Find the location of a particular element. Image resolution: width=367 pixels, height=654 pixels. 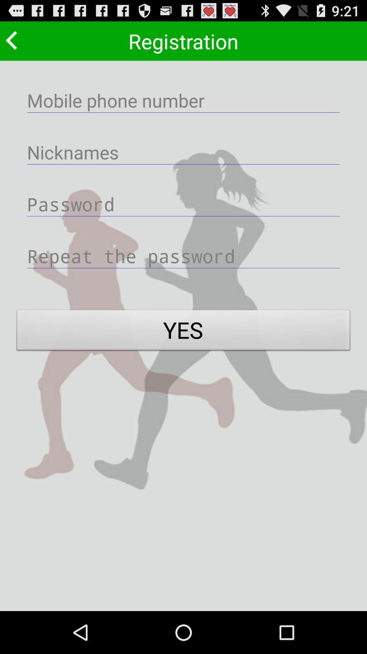

go back is located at coordinates (13, 40).